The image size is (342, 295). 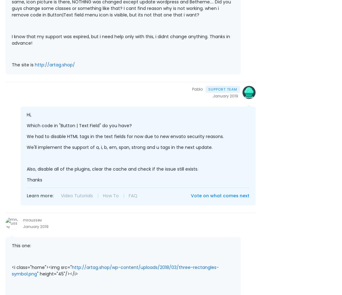 What do you see at coordinates (40, 195) in the screenshot?
I see `'Learn more:'` at bounding box center [40, 195].